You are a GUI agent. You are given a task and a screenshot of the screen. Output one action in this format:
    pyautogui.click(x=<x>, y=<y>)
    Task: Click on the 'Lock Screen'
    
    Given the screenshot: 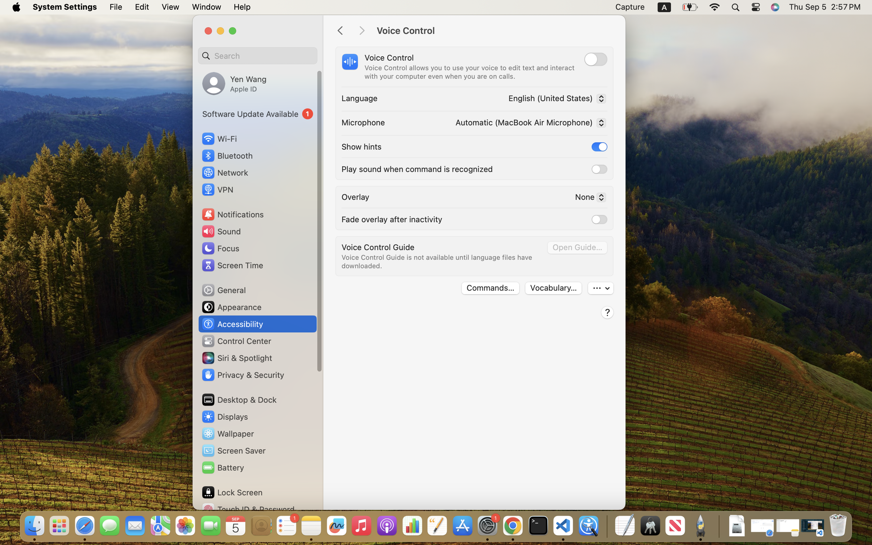 What is the action you would take?
    pyautogui.click(x=232, y=492)
    